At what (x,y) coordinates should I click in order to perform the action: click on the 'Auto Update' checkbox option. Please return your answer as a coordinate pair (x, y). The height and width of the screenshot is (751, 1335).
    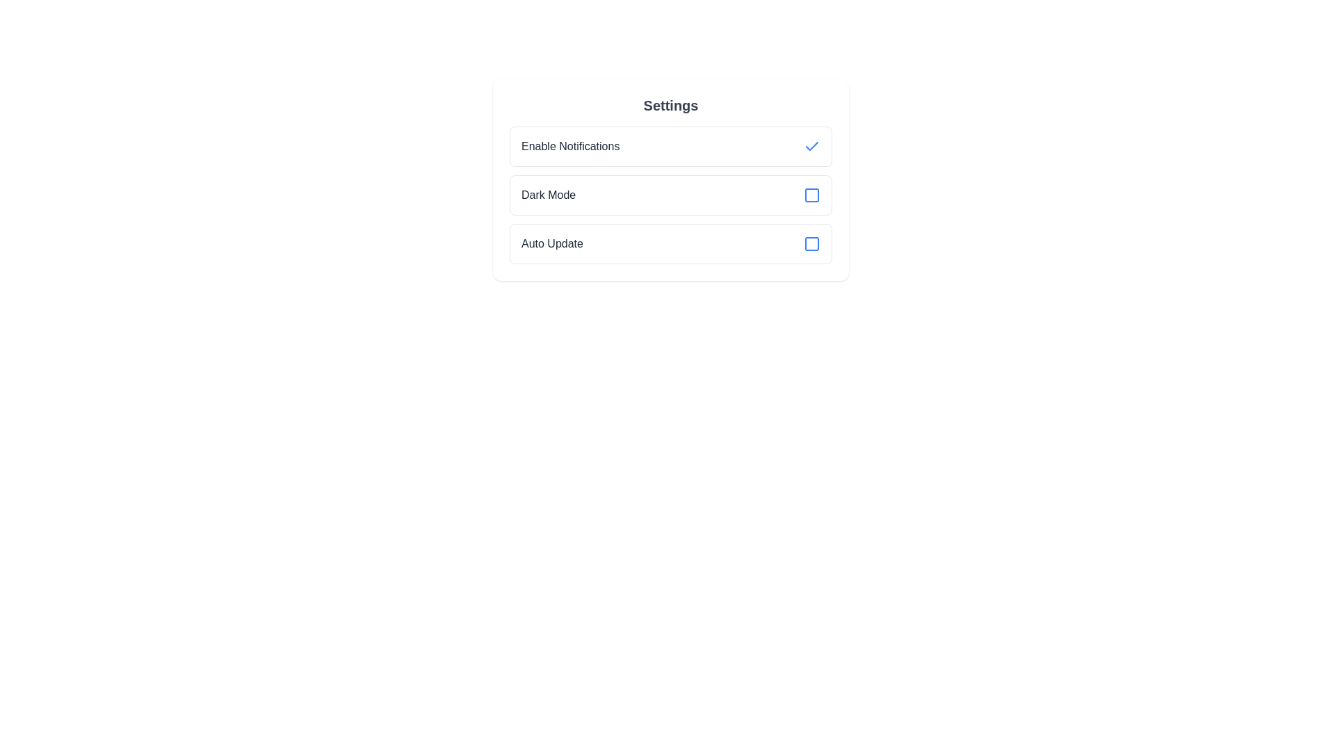
    Looking at the image, I should click on (670, 243).